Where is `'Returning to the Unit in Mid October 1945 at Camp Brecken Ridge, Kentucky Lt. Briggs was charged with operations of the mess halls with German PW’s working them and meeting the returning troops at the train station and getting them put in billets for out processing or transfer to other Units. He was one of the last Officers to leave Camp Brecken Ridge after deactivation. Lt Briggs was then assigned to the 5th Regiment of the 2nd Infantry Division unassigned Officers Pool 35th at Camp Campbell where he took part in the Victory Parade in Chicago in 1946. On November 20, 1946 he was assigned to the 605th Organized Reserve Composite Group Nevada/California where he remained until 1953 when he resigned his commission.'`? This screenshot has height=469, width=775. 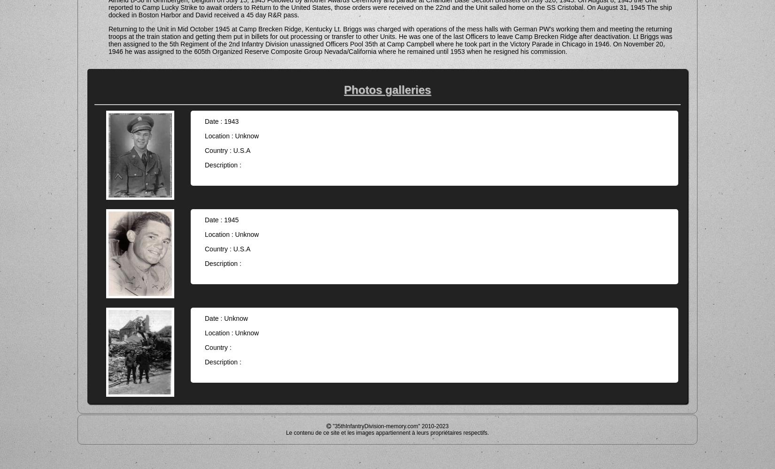 'Returning to the Unit in Mid October 1945 at Camp Brecken Ridge, Kentucky Lt. Briggs was charged with operations of the mess halls with German PW’s working them and meeting the returning troops at the train station and getting them put in billets for out processing or transfer to other Units. He was one of the last Officers to leave Camp Brecken Ridge after deactivation. Lt Briggs was then assigned to the 5th Regiment of the 2nd Infantry Division unassigned Officers Pool 35th at Camp Campbell where he took part in the Victory Parade in Chicago in 1946. On November 20, 1946 he was assigned to the 605th Organized Reserve Composite Group Nevada/California where he remained until 1953 when he resigned his commission.' is located at coordinates (390, 39).